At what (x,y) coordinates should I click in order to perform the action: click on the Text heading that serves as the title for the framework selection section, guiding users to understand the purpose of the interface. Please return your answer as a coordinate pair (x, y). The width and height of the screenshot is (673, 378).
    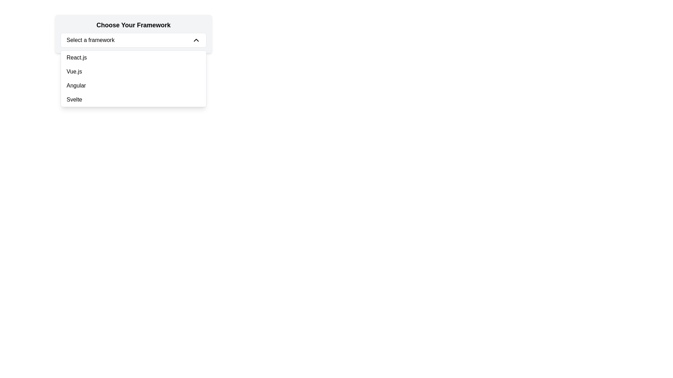
    Looking at the image, I should click on (133, 25).